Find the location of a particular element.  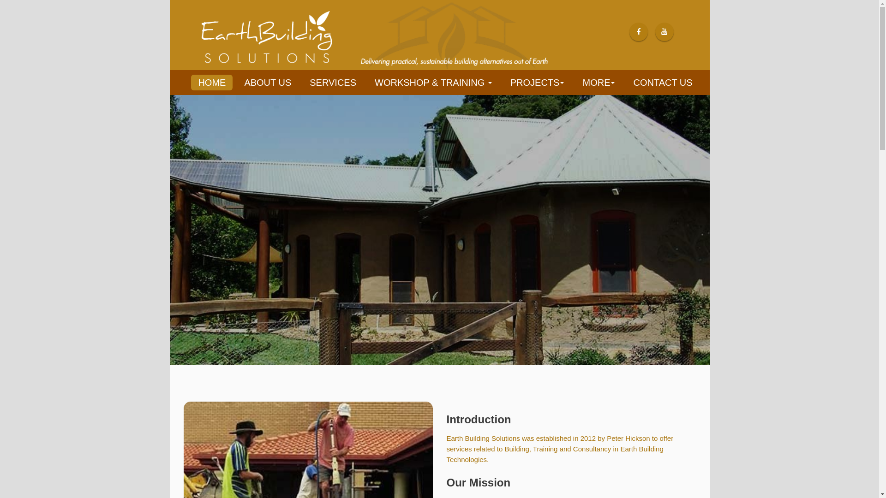

'HOME' is located at coordinates (192, 82).